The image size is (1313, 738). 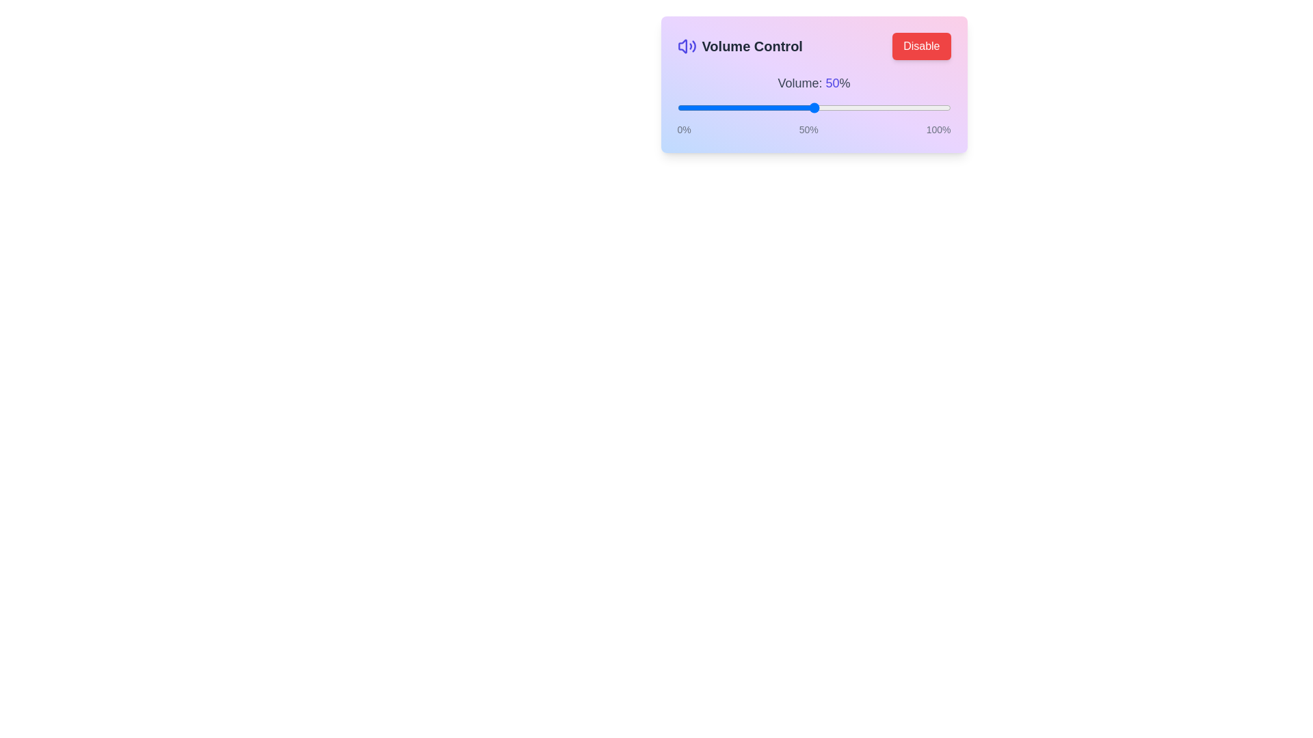 What do you see at coordinates (921, 46) in the screenshot?
I see `the button located in the top-right corner of the 'Volume Control' grouping to change its appearance` at bounding box center [921, 46].